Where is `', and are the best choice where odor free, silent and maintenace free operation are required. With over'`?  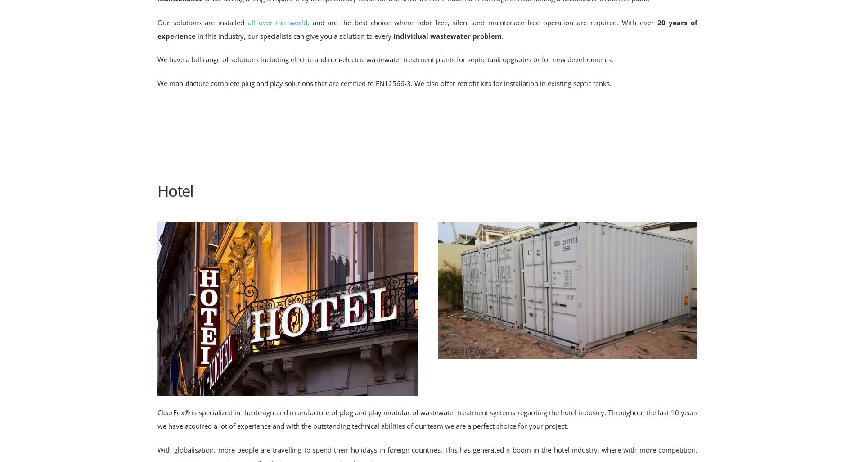 ', and are the best choice where odor free, silent and maintenace free operation are required. With over' is located at coordinates (482, 22).